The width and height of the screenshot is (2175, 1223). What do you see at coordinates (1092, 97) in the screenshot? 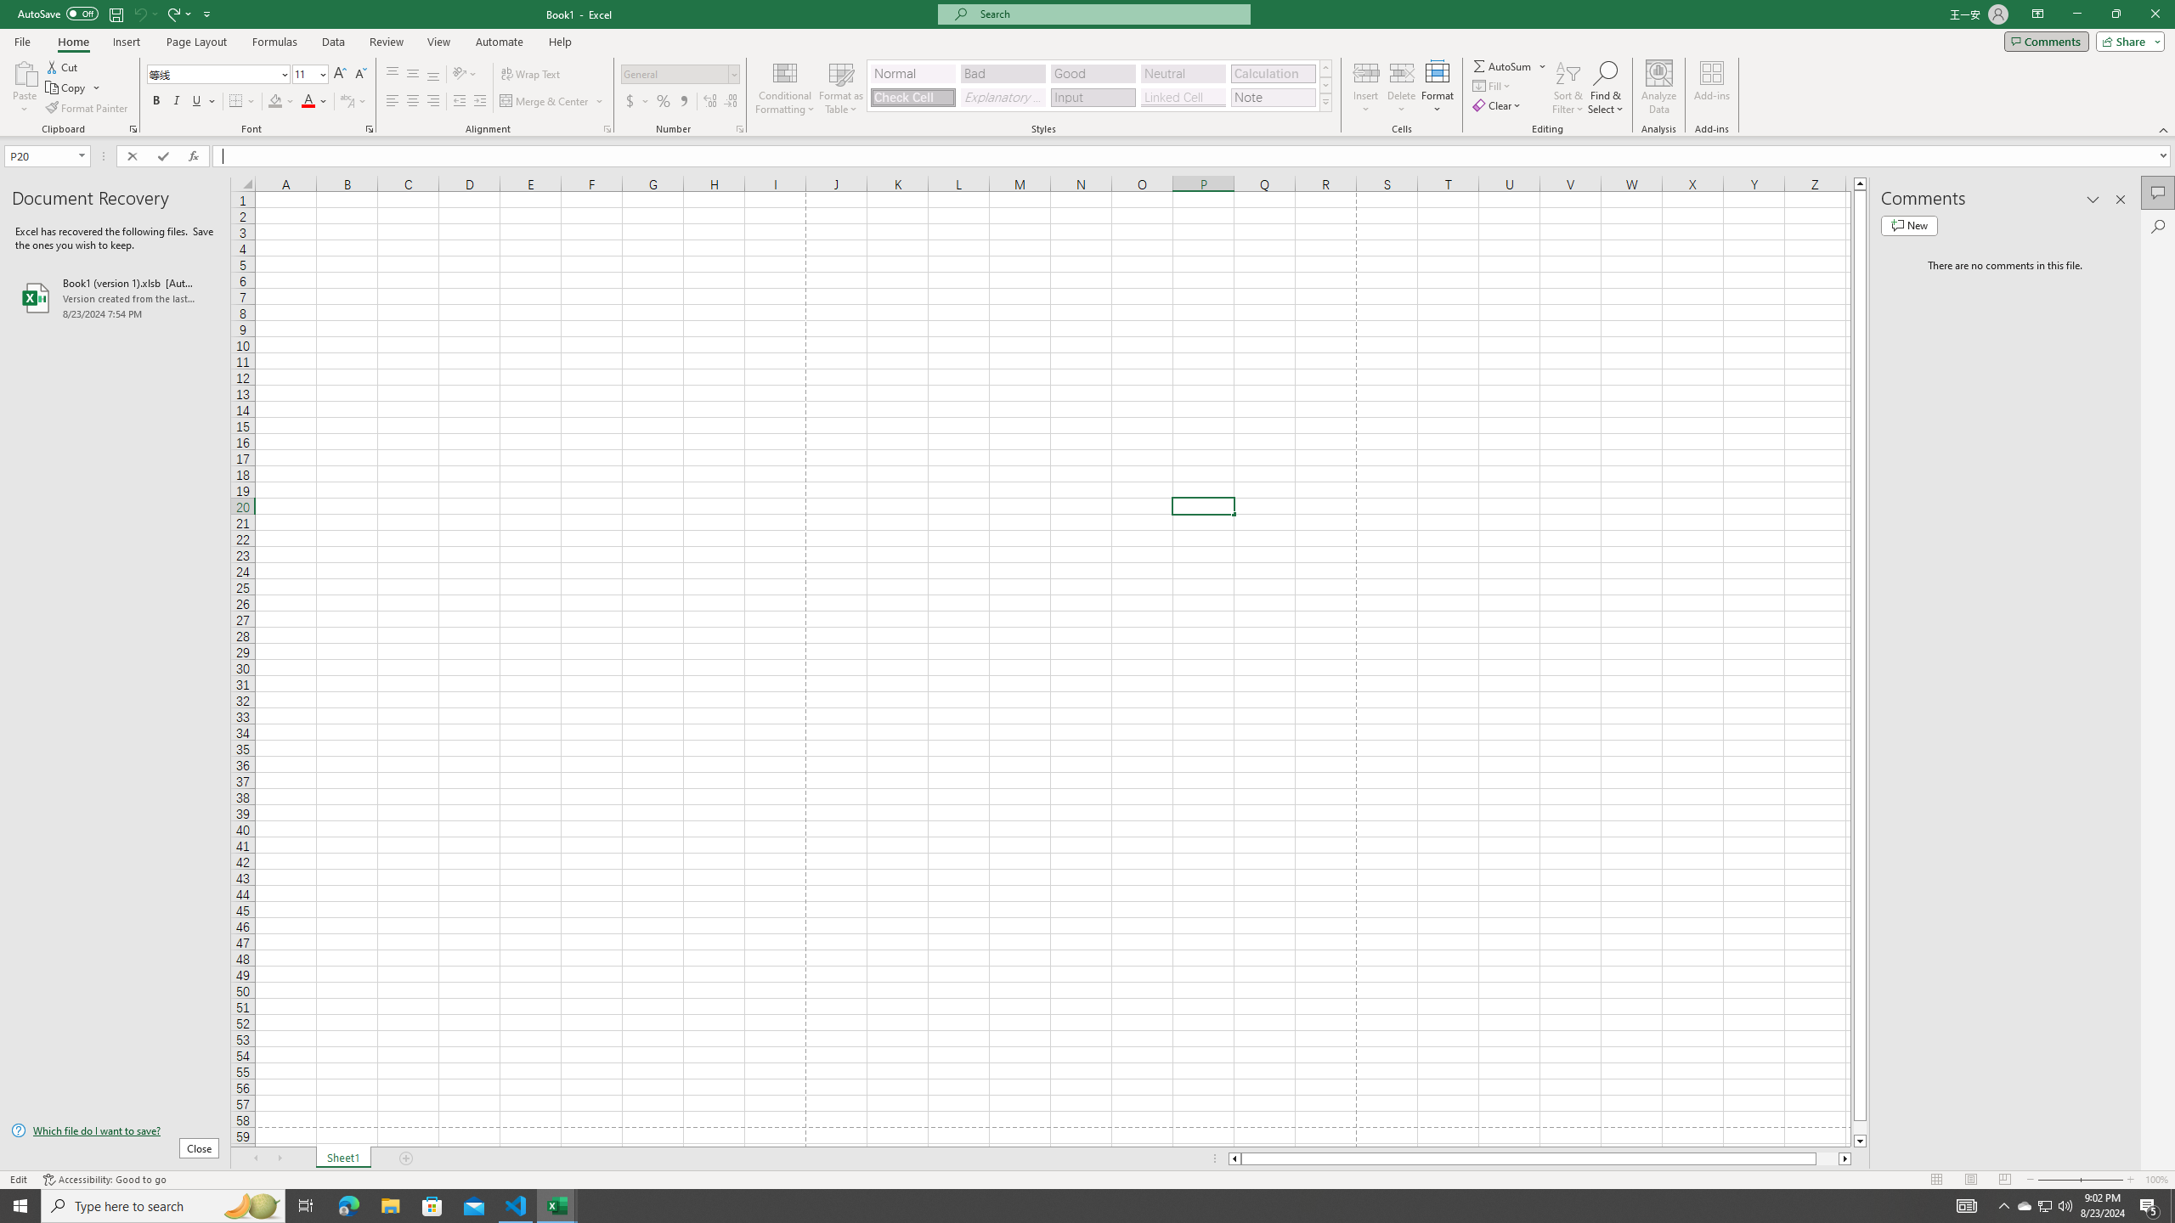
I see `'Input'` at bounding box center [1092, 97].